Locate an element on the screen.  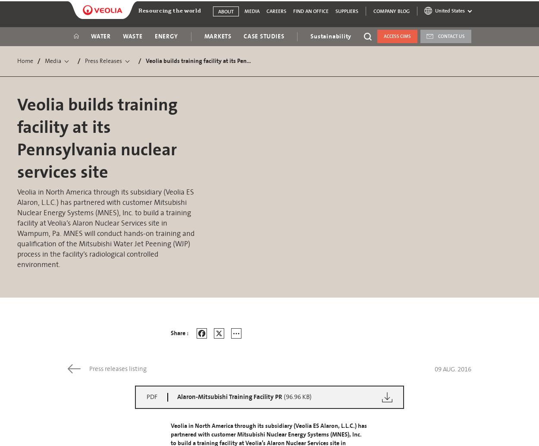
'OFIS' is located at coordinates (384, 147).